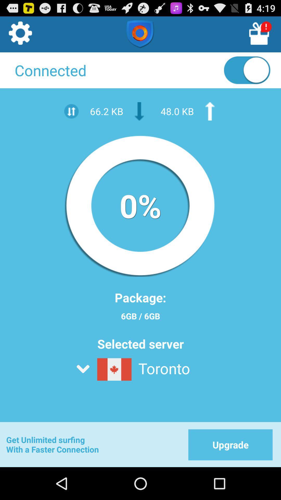 The height and width of the screenshot is (500, 281). I want to click on open the server list, so click(153, 383).